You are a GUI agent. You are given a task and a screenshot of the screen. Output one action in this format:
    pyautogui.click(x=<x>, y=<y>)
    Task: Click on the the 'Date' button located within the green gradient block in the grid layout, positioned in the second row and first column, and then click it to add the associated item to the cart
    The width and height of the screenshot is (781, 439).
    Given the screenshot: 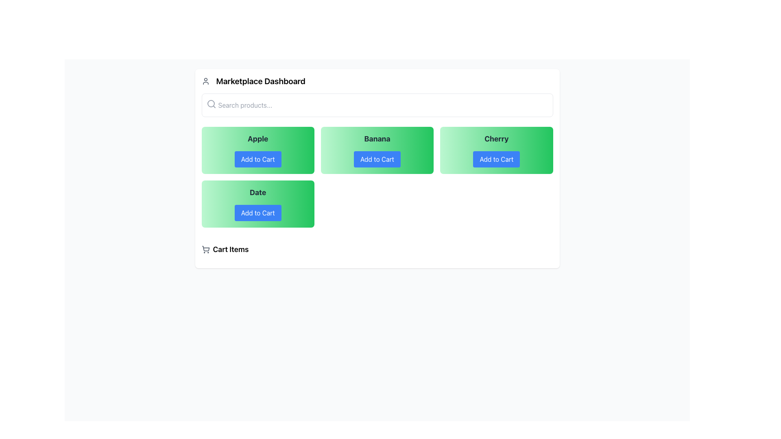 What is the action you would take?
    pyautogui.click(x=257, y=213)
    